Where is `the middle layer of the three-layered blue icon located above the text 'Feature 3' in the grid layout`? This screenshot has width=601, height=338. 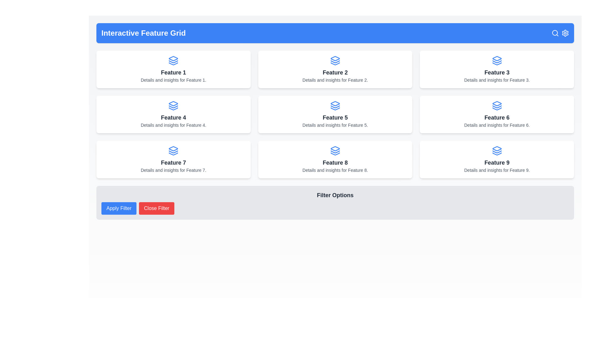
the middle layer of the three-layered blue icon located above the text 'Feature 3' in the grid layout is located at coordinates (496, 62).